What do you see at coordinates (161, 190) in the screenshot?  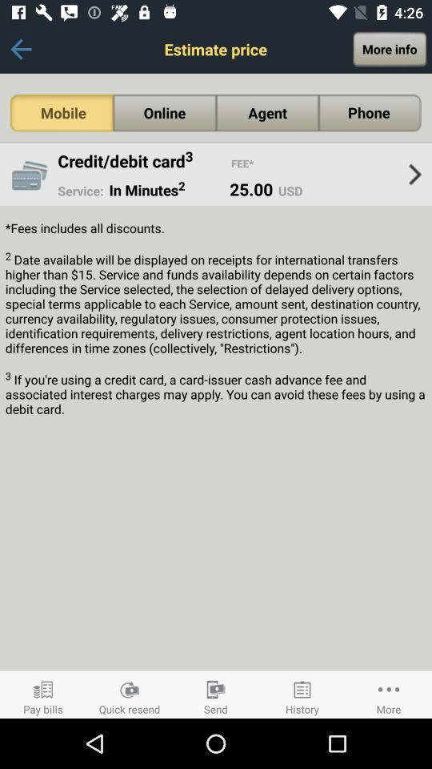 I see `in minutes2 item` at bounding box center [161, 190].